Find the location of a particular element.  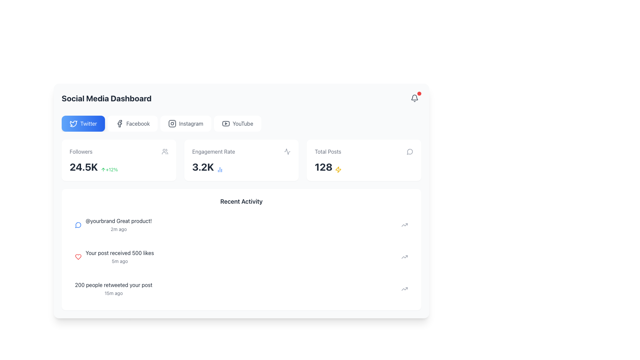

the upward arrow icon indicating a positive growth trend in the 'Followers' section, located next to the '+12%' text is located at coordinates (103, 169).